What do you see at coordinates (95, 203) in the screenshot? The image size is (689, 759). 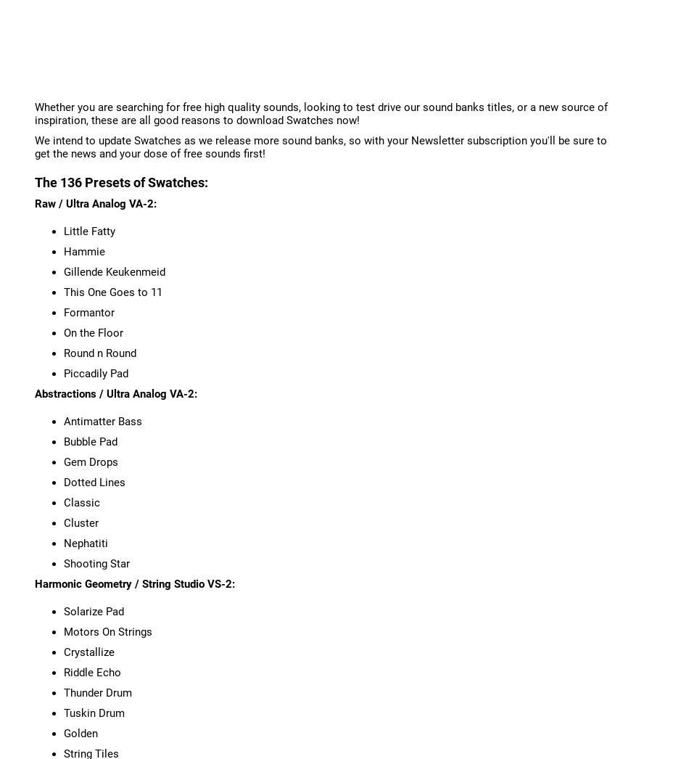 I see `'Raw / Ultra Analog VA-2:'` at bounding box center [95, 203].